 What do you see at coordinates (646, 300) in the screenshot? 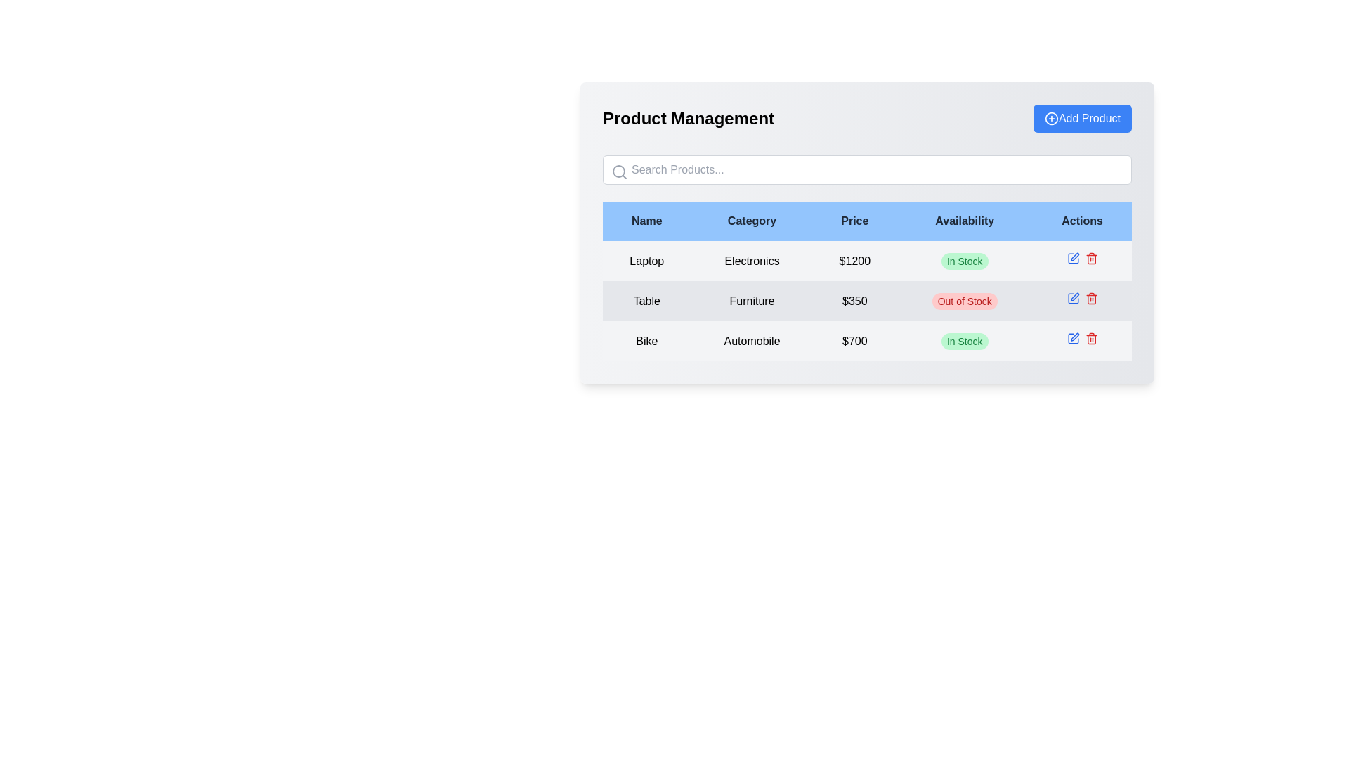
I see `the text label displaying 'Table' located in the second row of the data table under the 'Name' column` at bounding box center [646, 300].